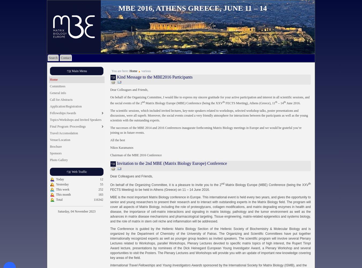  I want to click on 'Yesterday', so click(62, 184).